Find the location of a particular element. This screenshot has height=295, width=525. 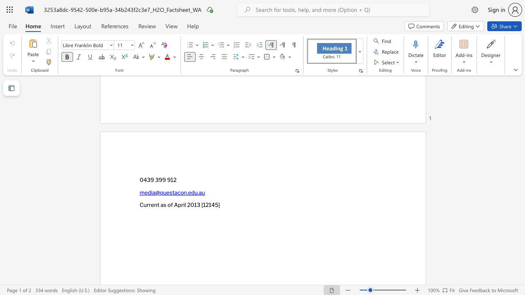

the subset text "39 399 9" within the text "0439 399 912" is located at coordinates (147, 179).